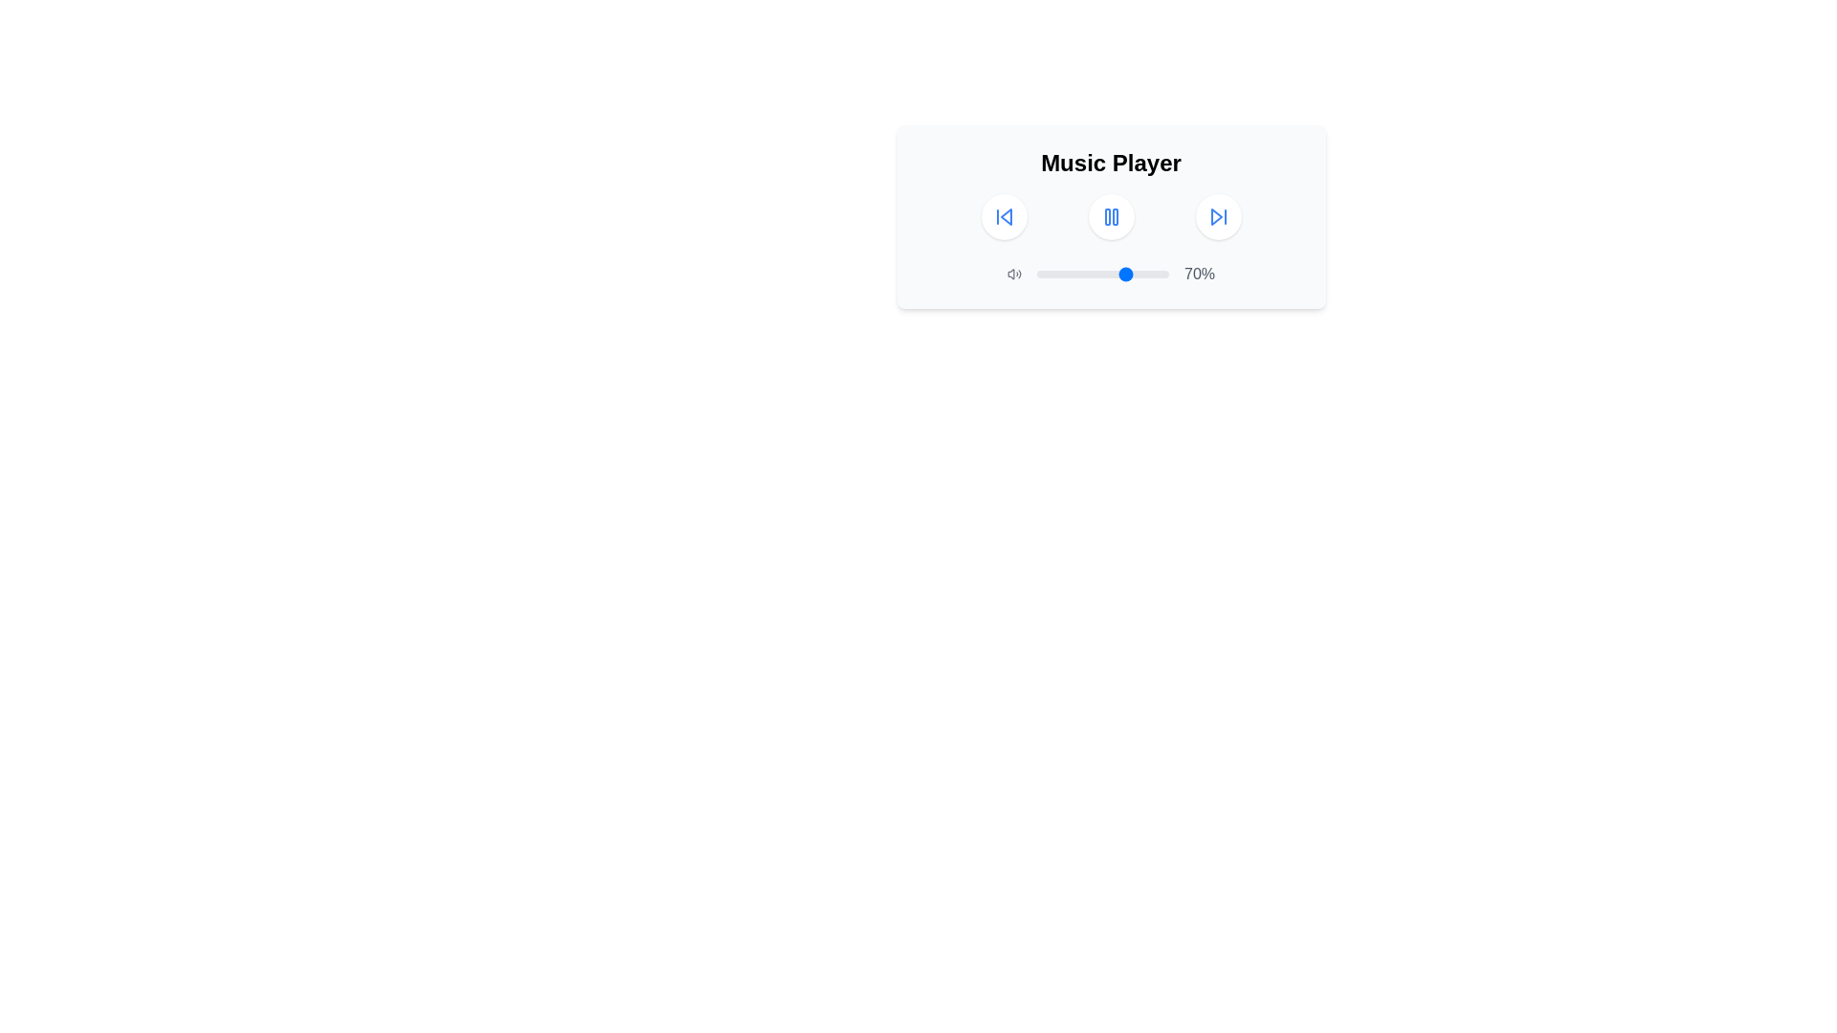  Describe the element at coordinates (1103, 274) in the screenshot. I see `the slider` at that location.